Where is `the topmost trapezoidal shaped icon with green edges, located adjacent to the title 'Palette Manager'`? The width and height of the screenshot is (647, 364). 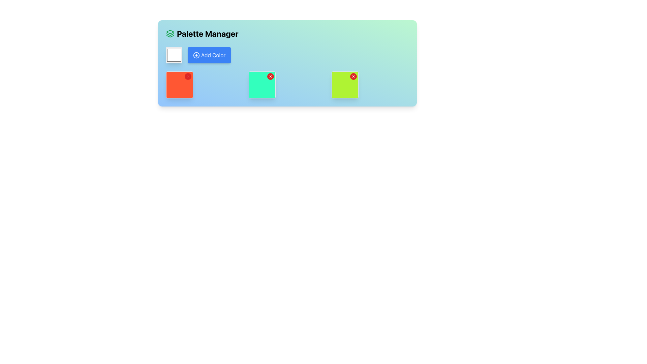
the topmost trapezoidal shaped icon with green edges, located adjacent to the title 'Palette Manager' is located at coordinates (170, 32).